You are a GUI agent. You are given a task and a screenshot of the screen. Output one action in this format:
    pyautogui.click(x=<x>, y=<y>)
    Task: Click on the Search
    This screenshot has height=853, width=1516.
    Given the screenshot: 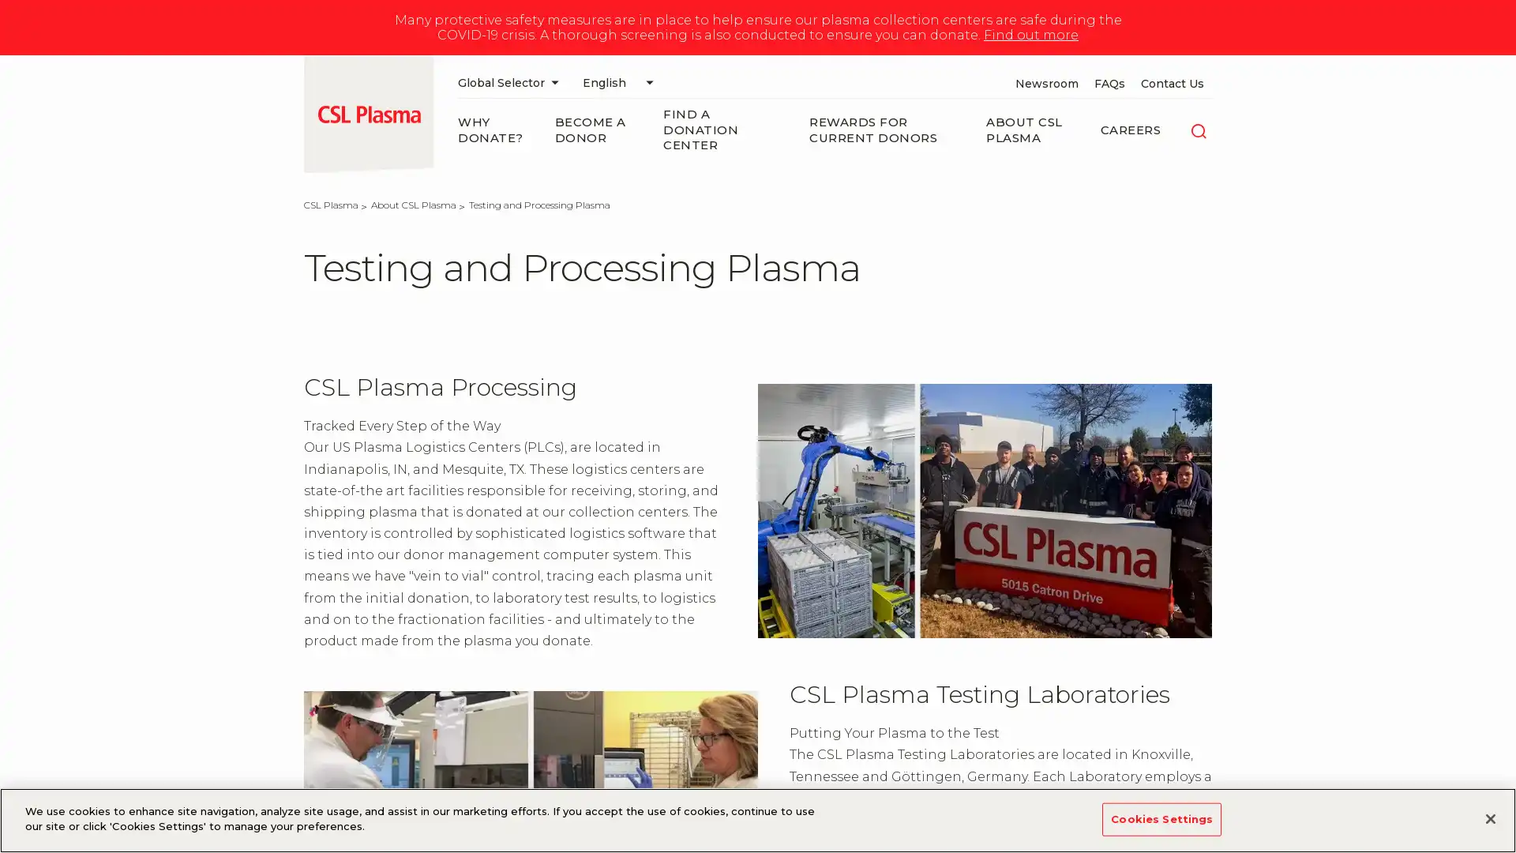 What is the action you would take?
    pyautogui.click(x=1198, y=129)
    